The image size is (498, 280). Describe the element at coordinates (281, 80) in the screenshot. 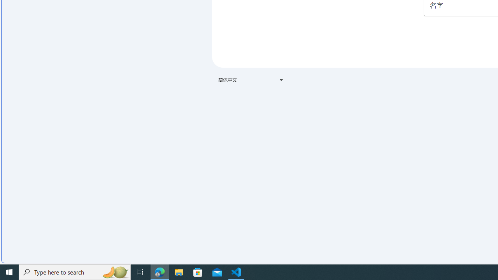

I see `'Class: VfPpkd-t08AT-Bz112c-Bd00G'` at that location.